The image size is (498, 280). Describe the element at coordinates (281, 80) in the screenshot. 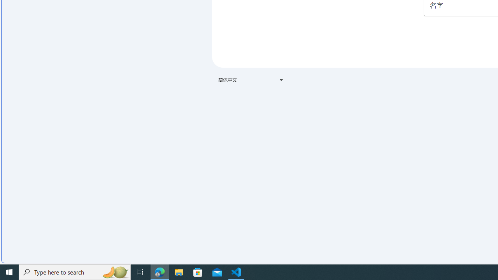

I see `'Class: VfPpkd-t08AT-Bz112c-Bd00G'` at that location.